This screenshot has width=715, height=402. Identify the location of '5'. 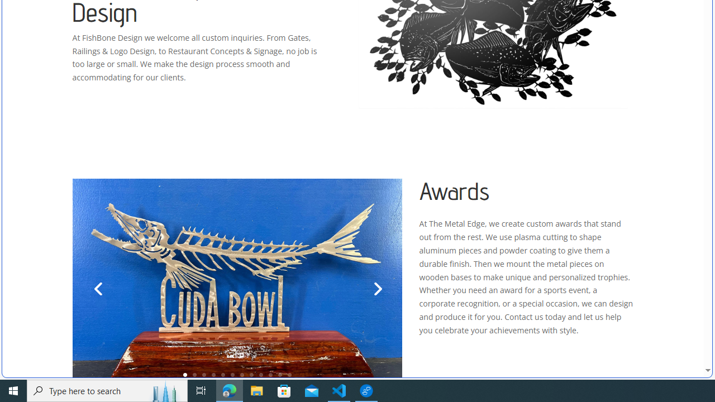
(223, 375).